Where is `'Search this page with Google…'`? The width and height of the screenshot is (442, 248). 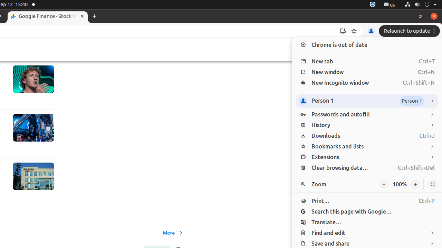
'Search this page with Google…' is located at coordinates (367, 211).